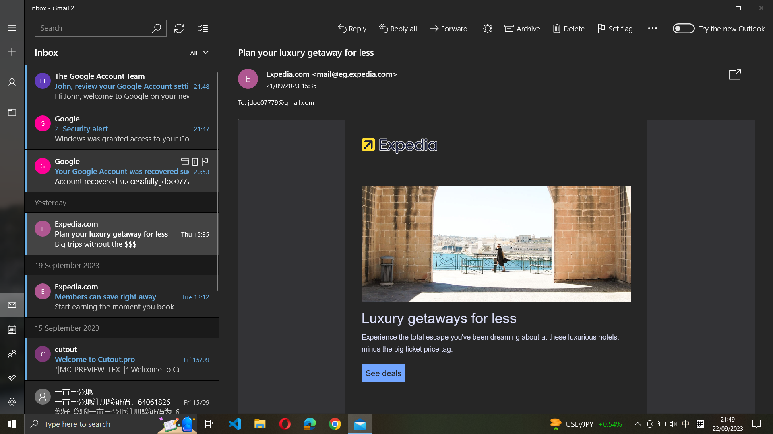 Image resolution: width=773 pixels, height=434 pixels. I want to click on Redirect email received from Expedia.com yesterday, so click(121, 233).